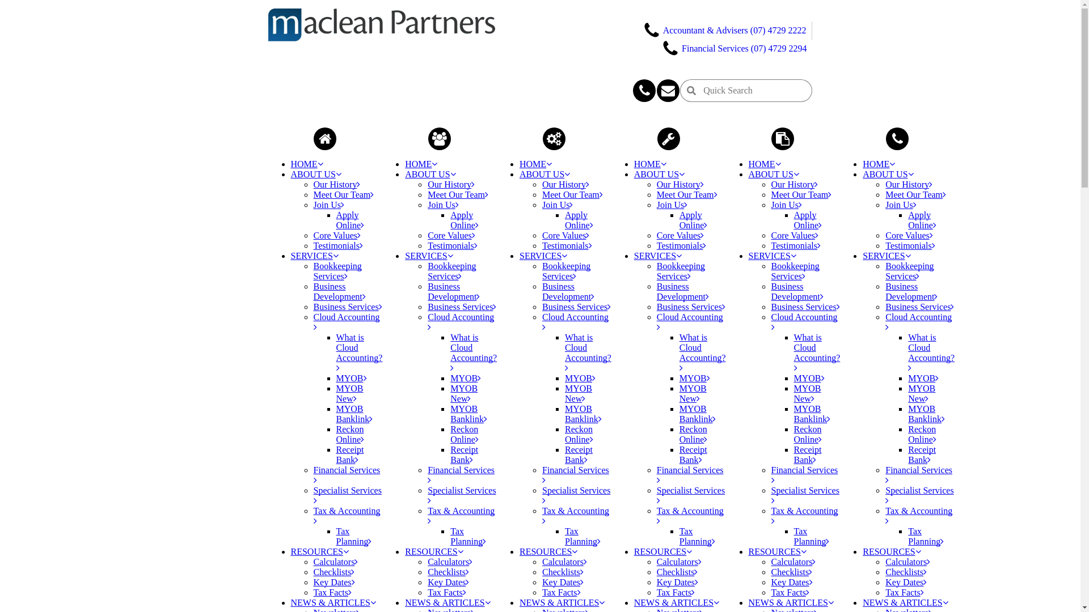  What do you see at coordinates (794, 235) in the screenshot?
I see `'Core Values'` at bounding box center [794, 235].